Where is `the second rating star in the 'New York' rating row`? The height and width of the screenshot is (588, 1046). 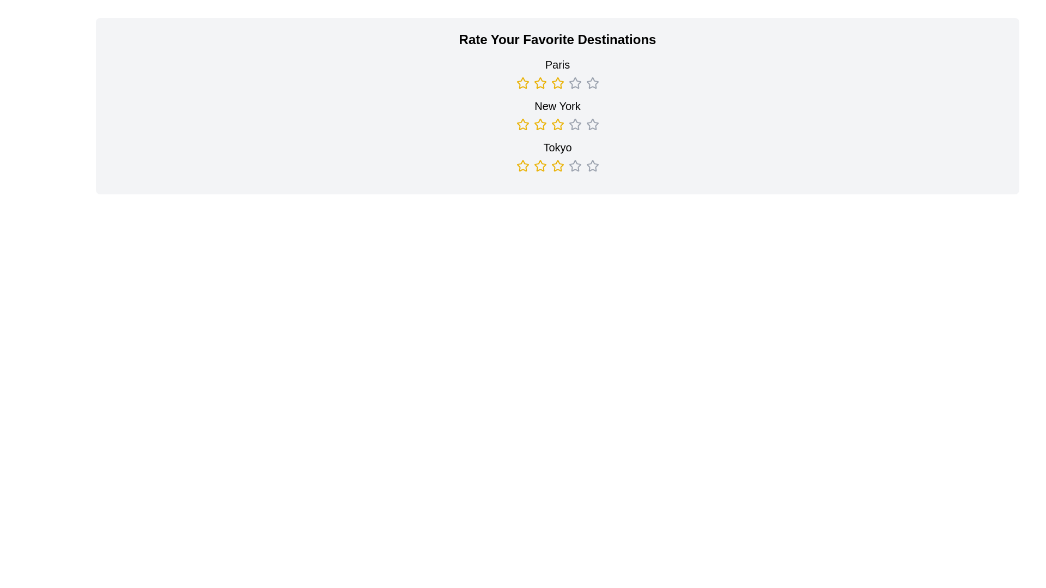 the second rating star in the 'New York' rating row is located at coordinates (522, 124).